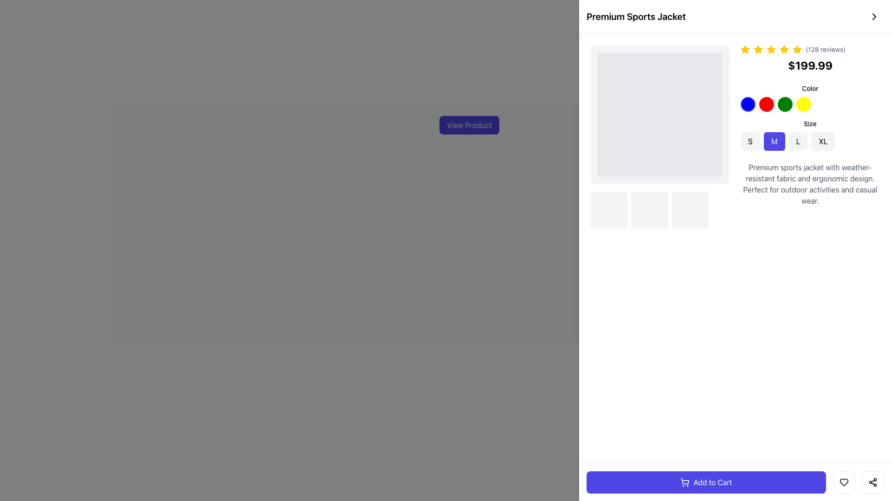 This screenshot has height=501, width=891. I want to click on the third square component with a light gray background and rounded corners, located just below the main product image, so click(691, 210).